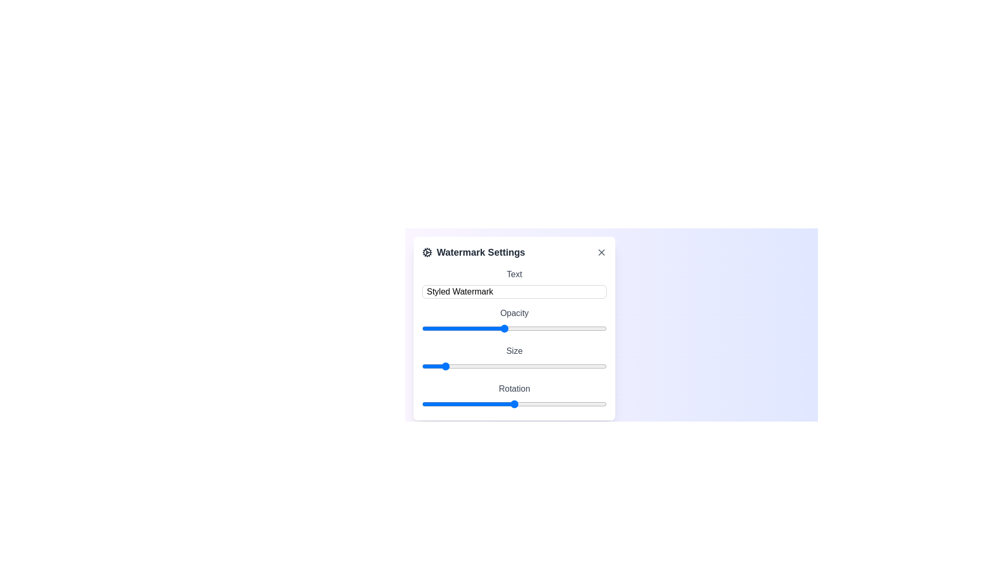 The width and height of the screenshot is (1008, 567). I want to click on the circular cog hole icon in the top-left of the Watermark Settings panel, which is light gray and part of a larger cogwheel design, so click(427, 253).